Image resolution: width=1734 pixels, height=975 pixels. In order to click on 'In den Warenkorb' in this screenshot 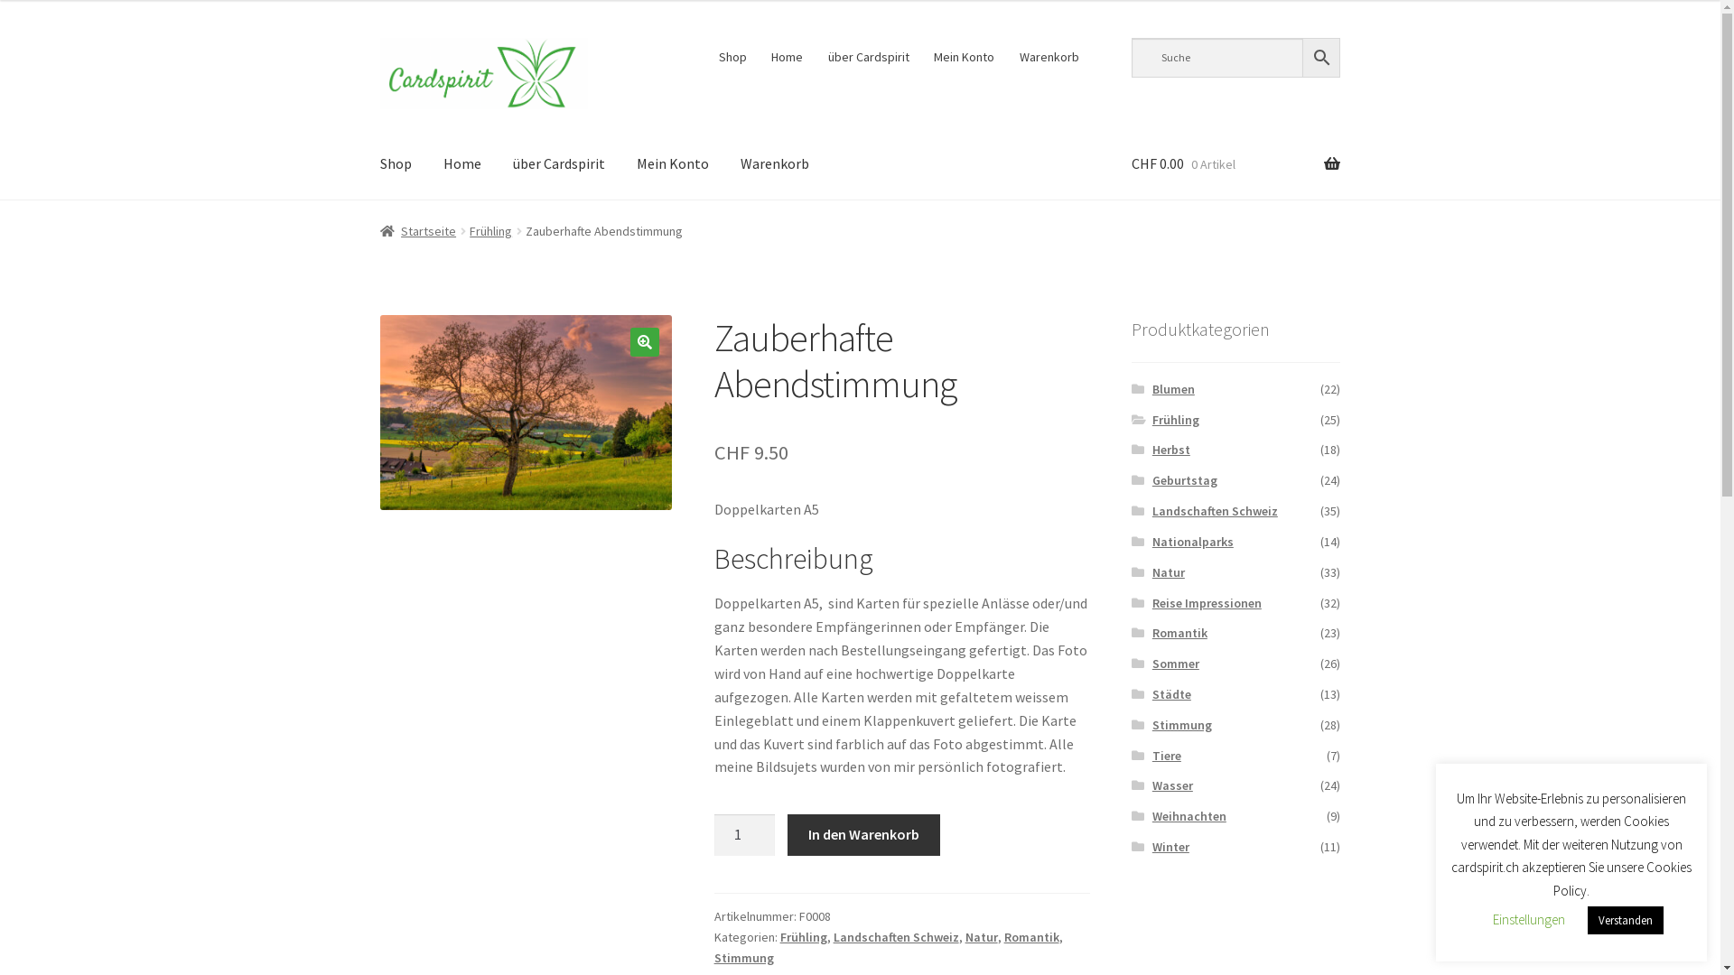, I will do `click(862, 835)`.